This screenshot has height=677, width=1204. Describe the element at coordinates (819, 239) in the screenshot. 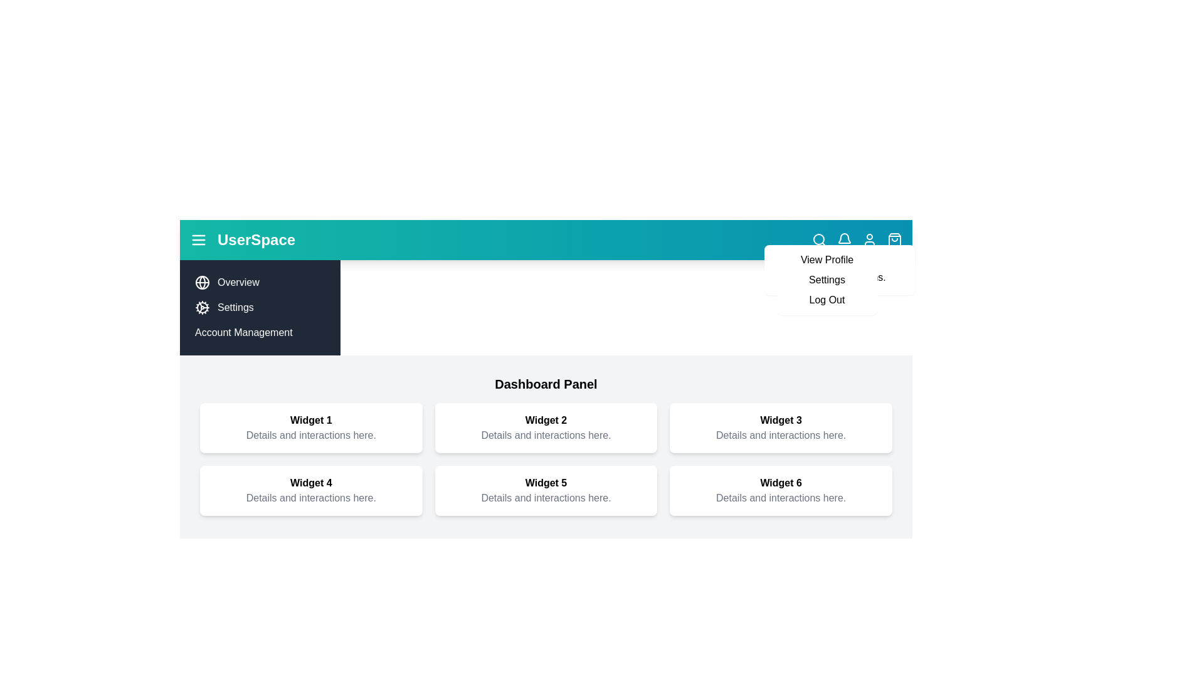

I see `the magnifying glass icon located at the top-right corner of the teal header bar` at that location.